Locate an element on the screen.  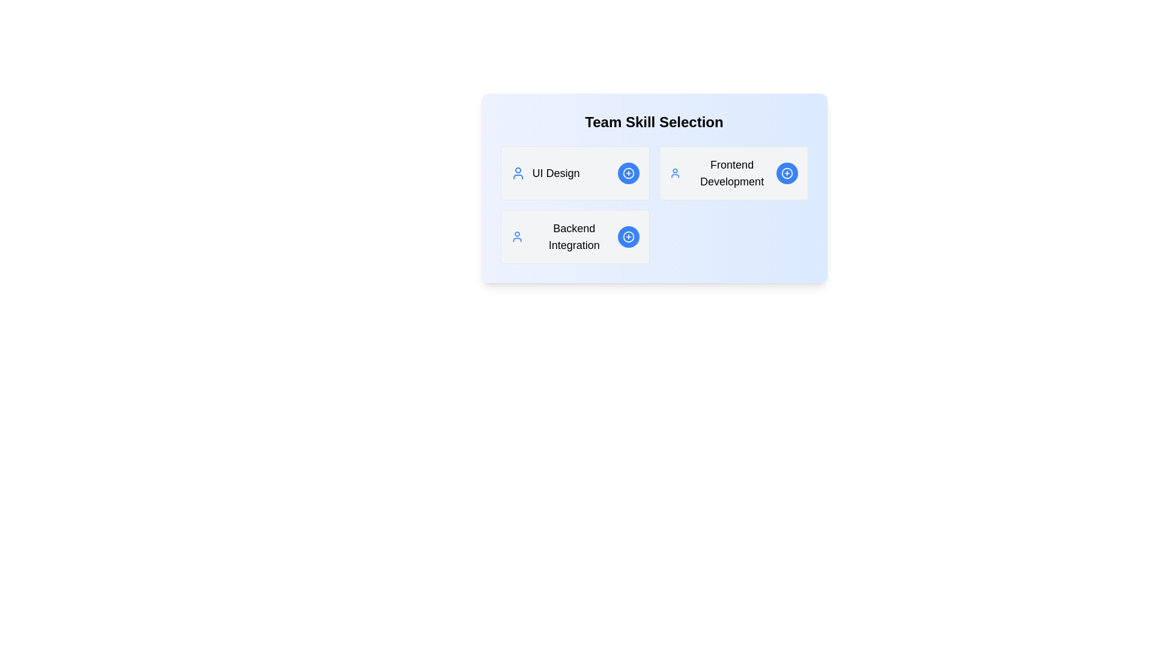
the skill card labeled Backend Integration is located at coordinates (574, 236).